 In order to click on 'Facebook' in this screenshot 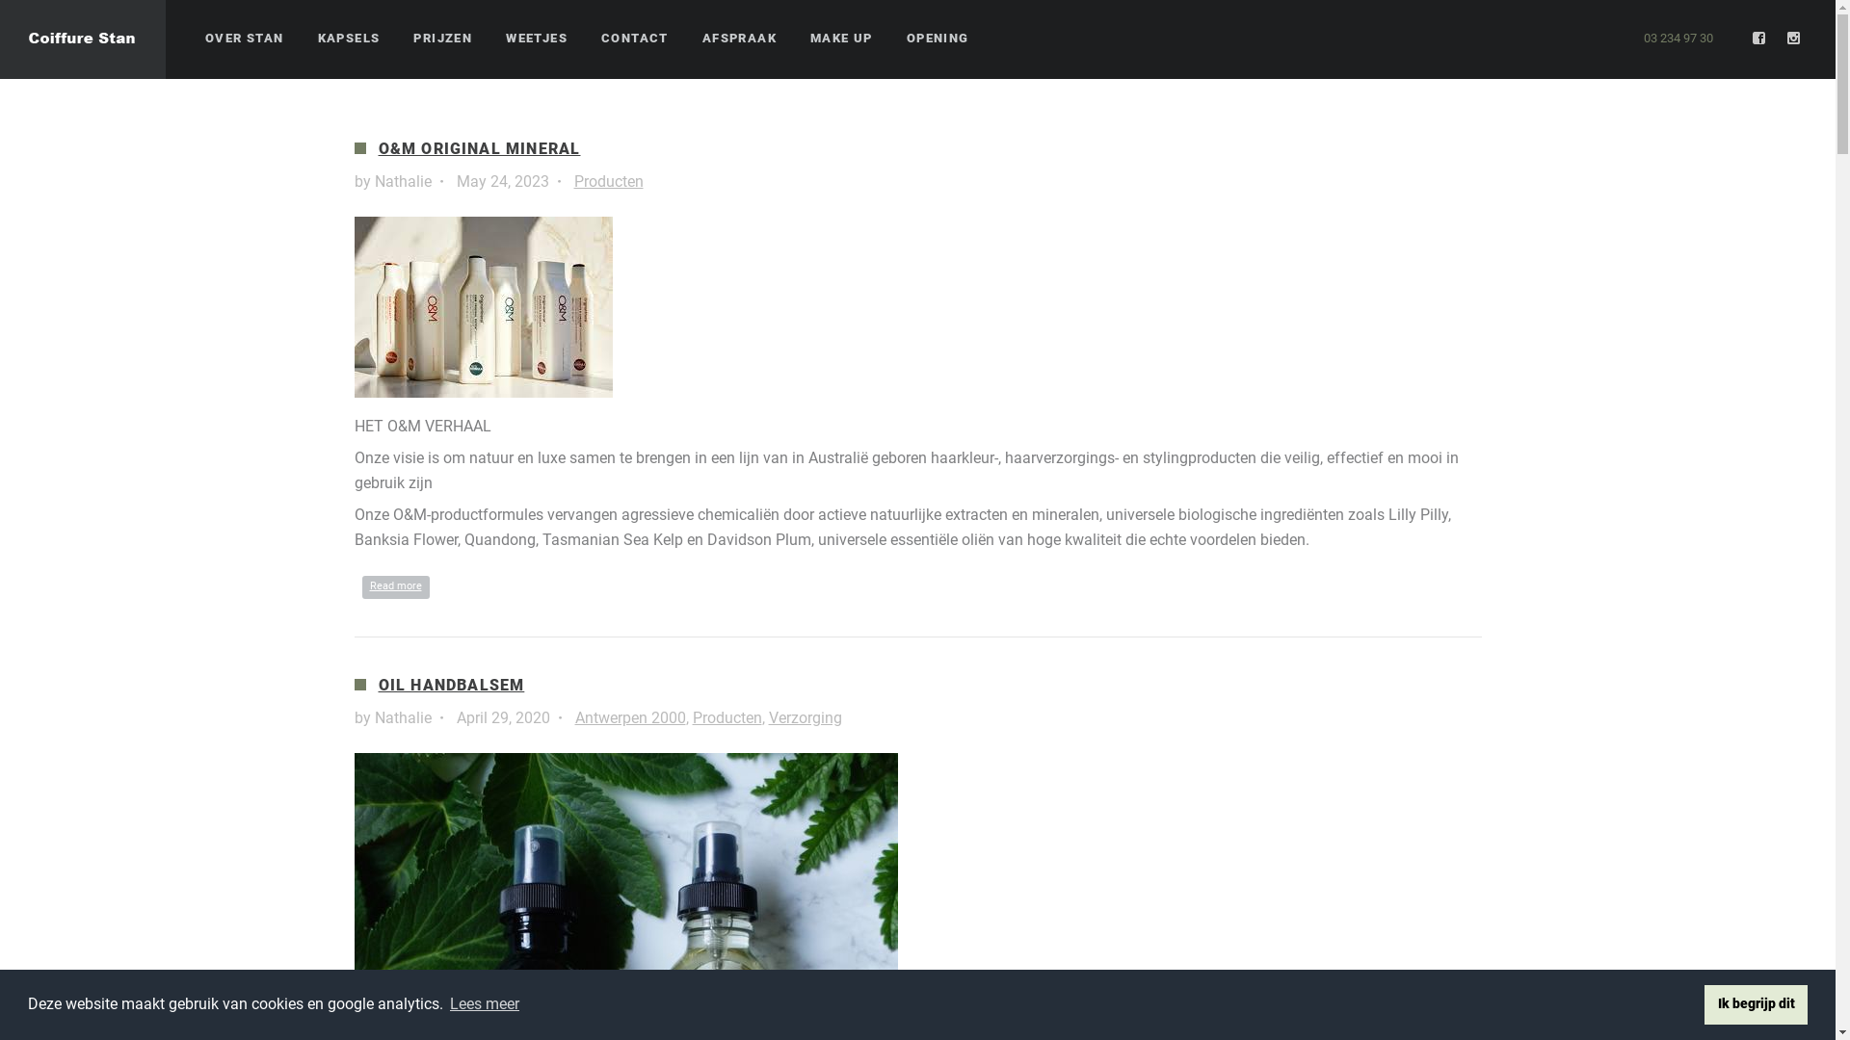, I will do `click(1749, 38)`.